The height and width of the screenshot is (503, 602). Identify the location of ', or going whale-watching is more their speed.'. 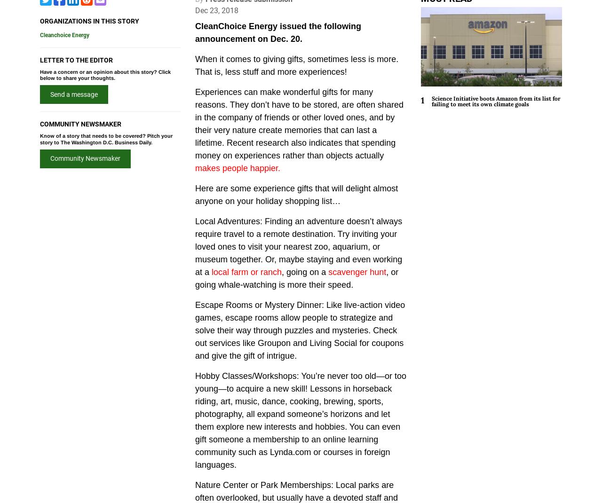
(296, 278).